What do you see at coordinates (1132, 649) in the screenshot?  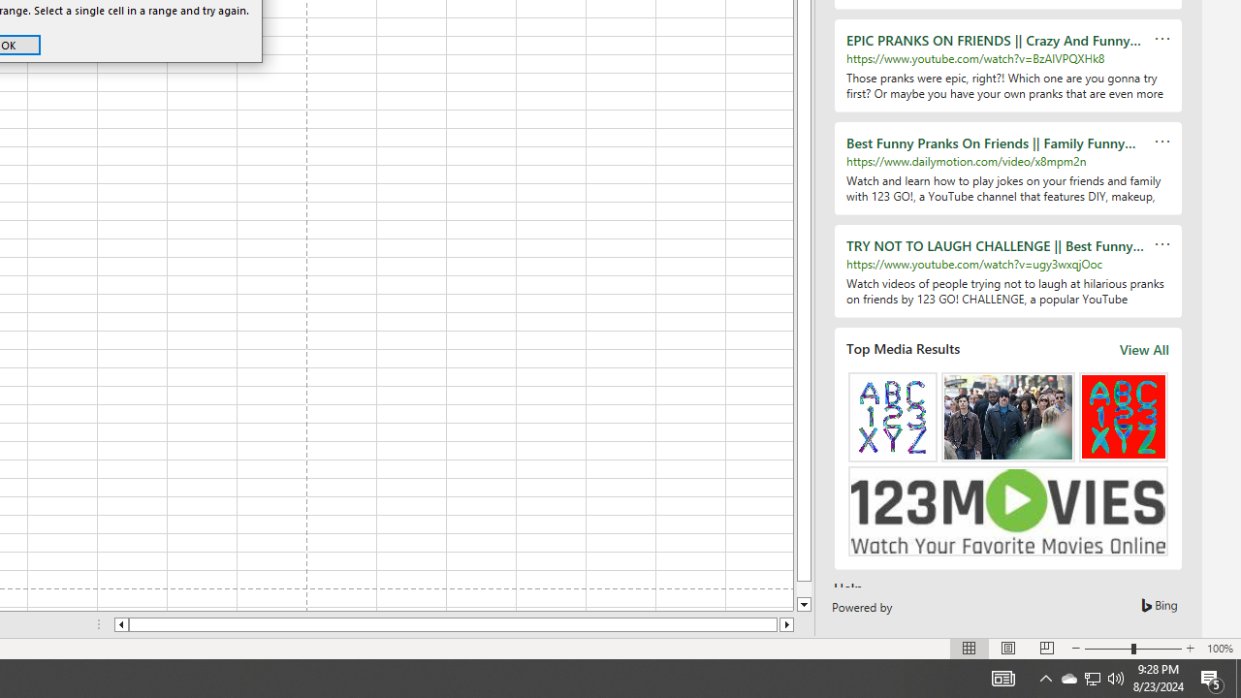 I see `'Zoom'` at bounding box center [1132, 649].